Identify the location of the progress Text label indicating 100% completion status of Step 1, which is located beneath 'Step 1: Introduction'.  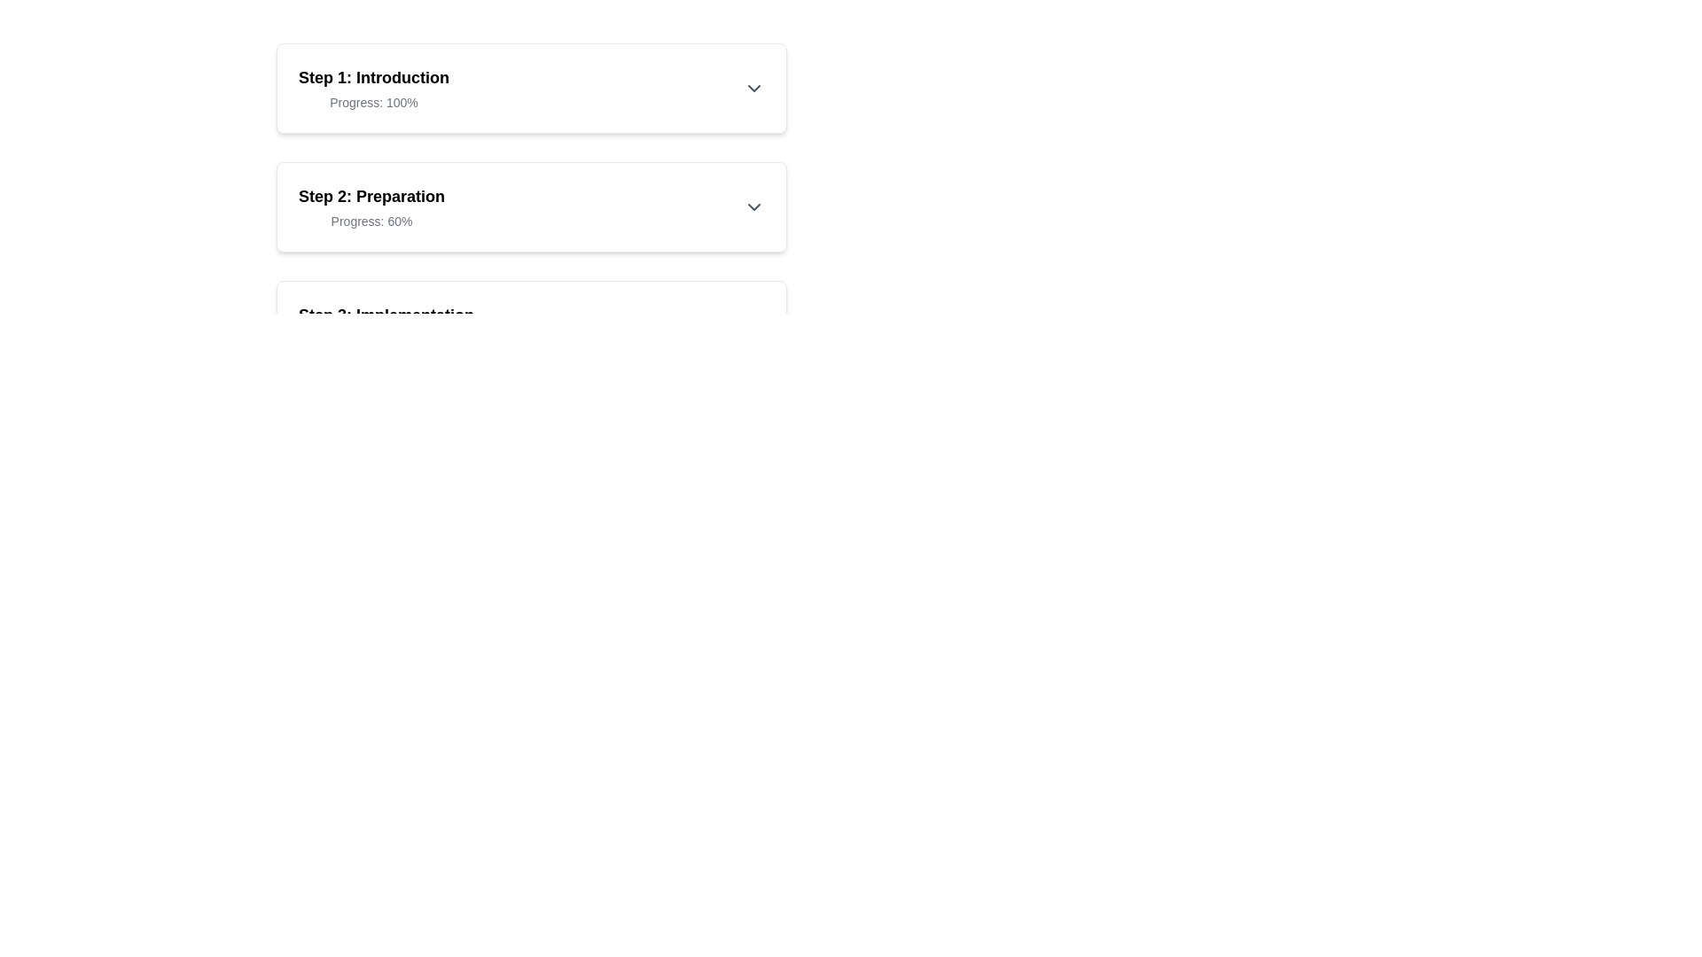
(373, 102).